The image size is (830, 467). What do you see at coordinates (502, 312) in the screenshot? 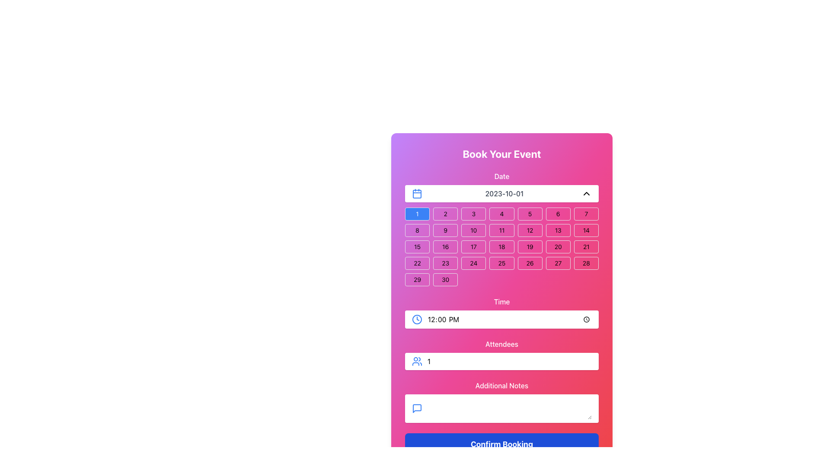
I see `the Time Selector element located in the 'Book Your Event' form, which is positioned directly beneath the date selection section` at bounding box center [502, 312].